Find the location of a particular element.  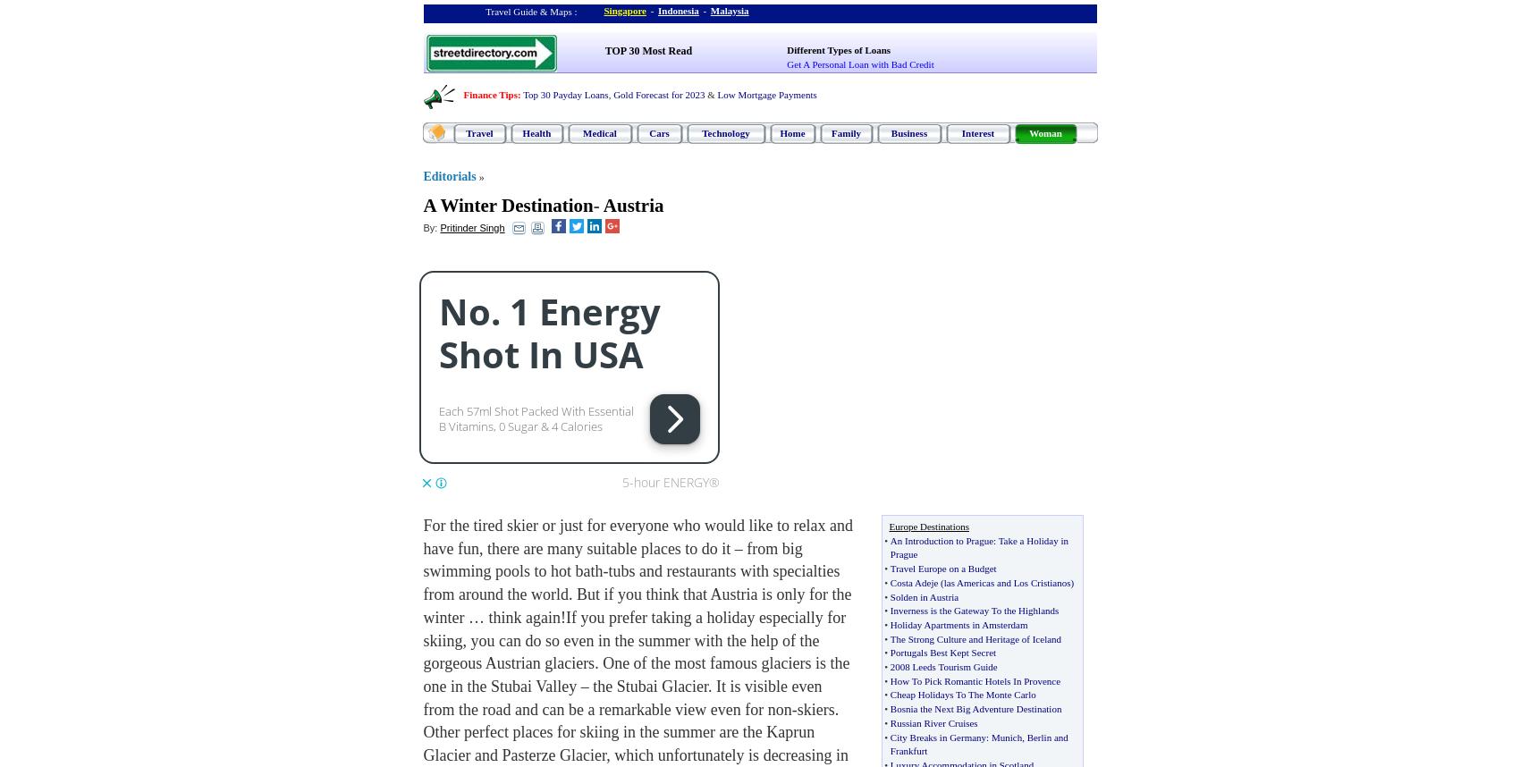

'An Introduction to Prague' is located at coordinates (940, 540).